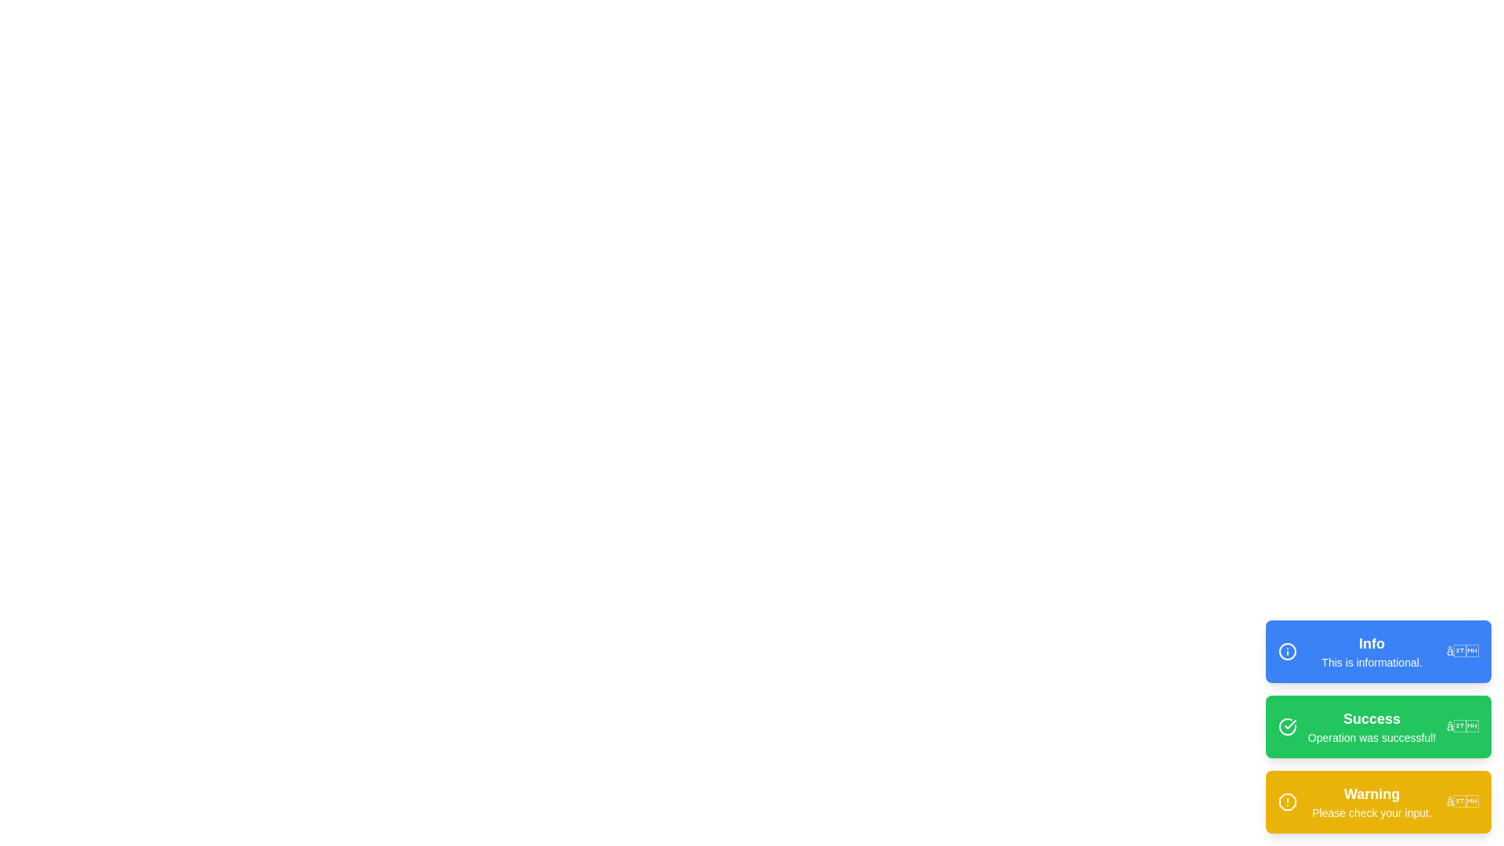 This screenshot has height=846, width=1504. Describe the element at coordinates (1287, 801) in the screenshot. I see `properties of the yellow octagonal alert icon with a warning symbol, located in the bottom-most yellow alert box on the left side` at that location.